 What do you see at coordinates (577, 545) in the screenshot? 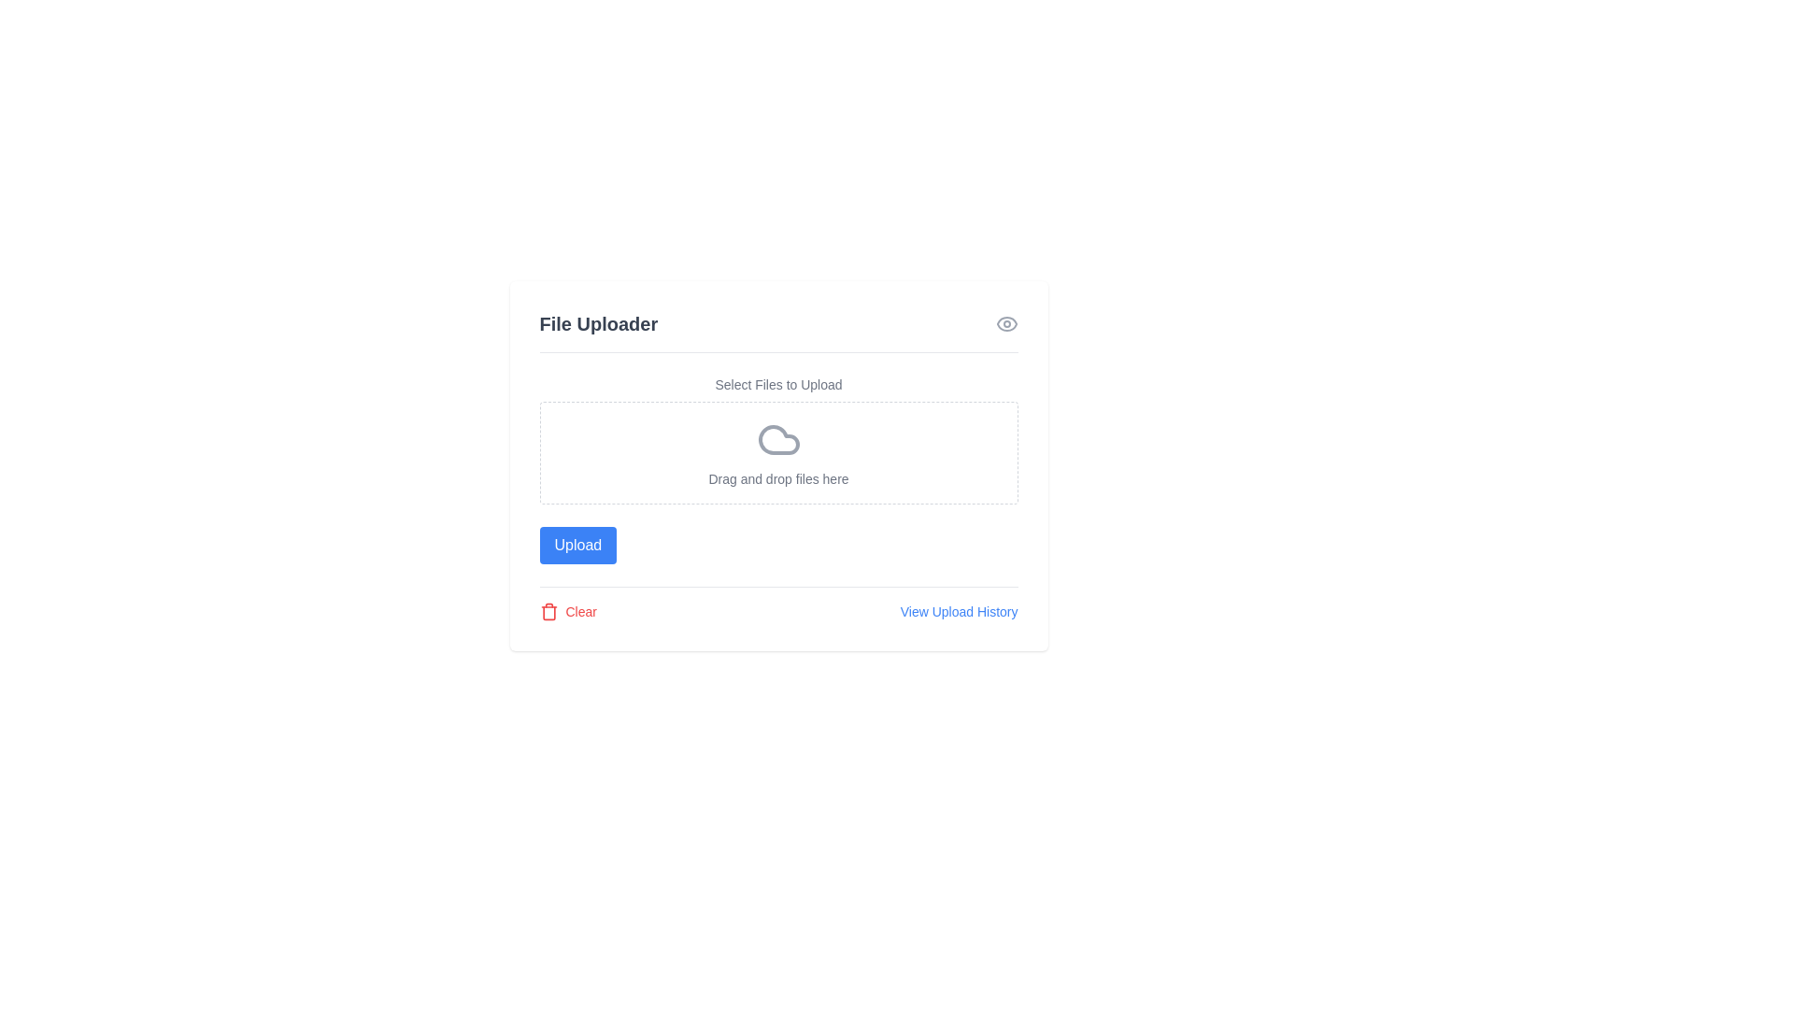
I see `the file upload button located below the file drop area to enable keyboard interaction` at bounding box center [577, 545].